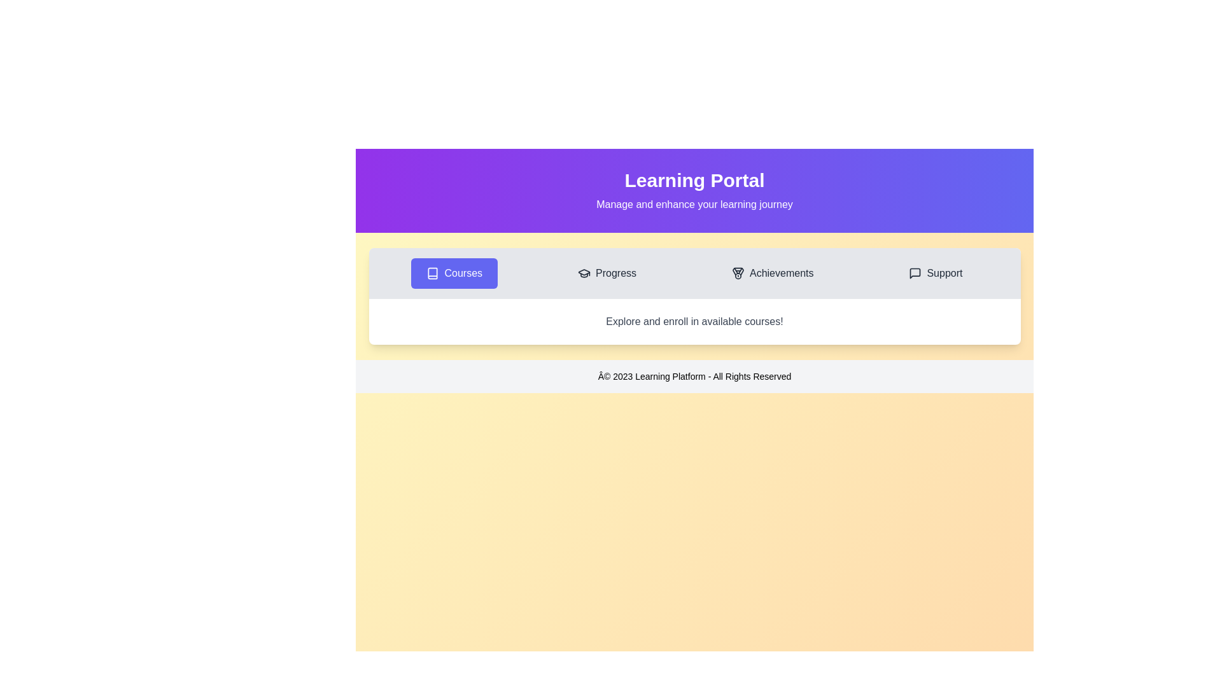 The height and width of the screenshot is (687, 1222). I want to click on the 'Achievements' text label located to the right of the medal icon in the navigation menu, so click(781, 272).